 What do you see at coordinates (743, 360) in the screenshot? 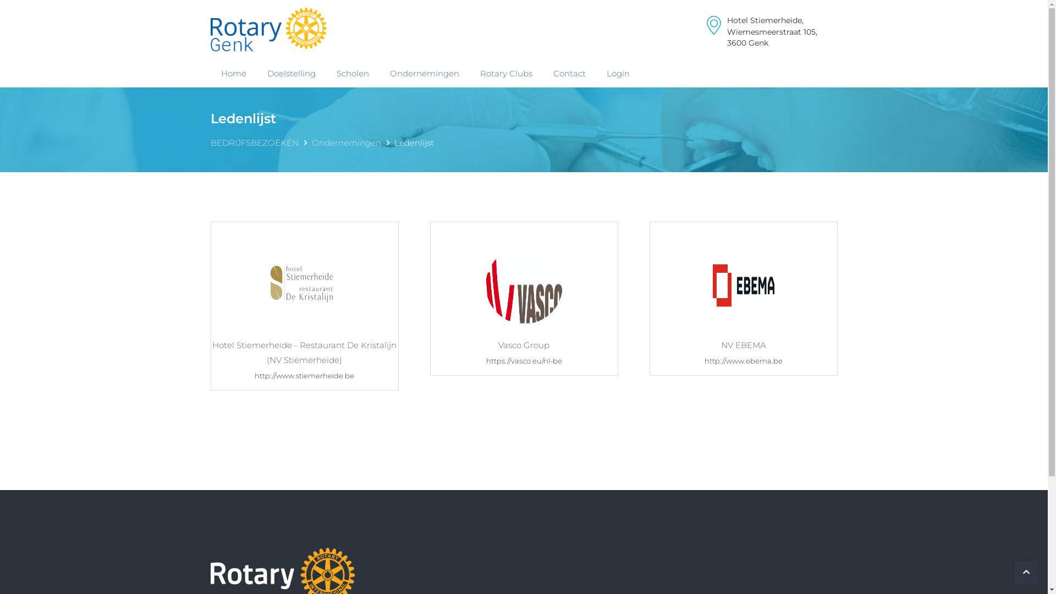
I see `'http://www.ebema.be'` at bounding box center [743, 360].